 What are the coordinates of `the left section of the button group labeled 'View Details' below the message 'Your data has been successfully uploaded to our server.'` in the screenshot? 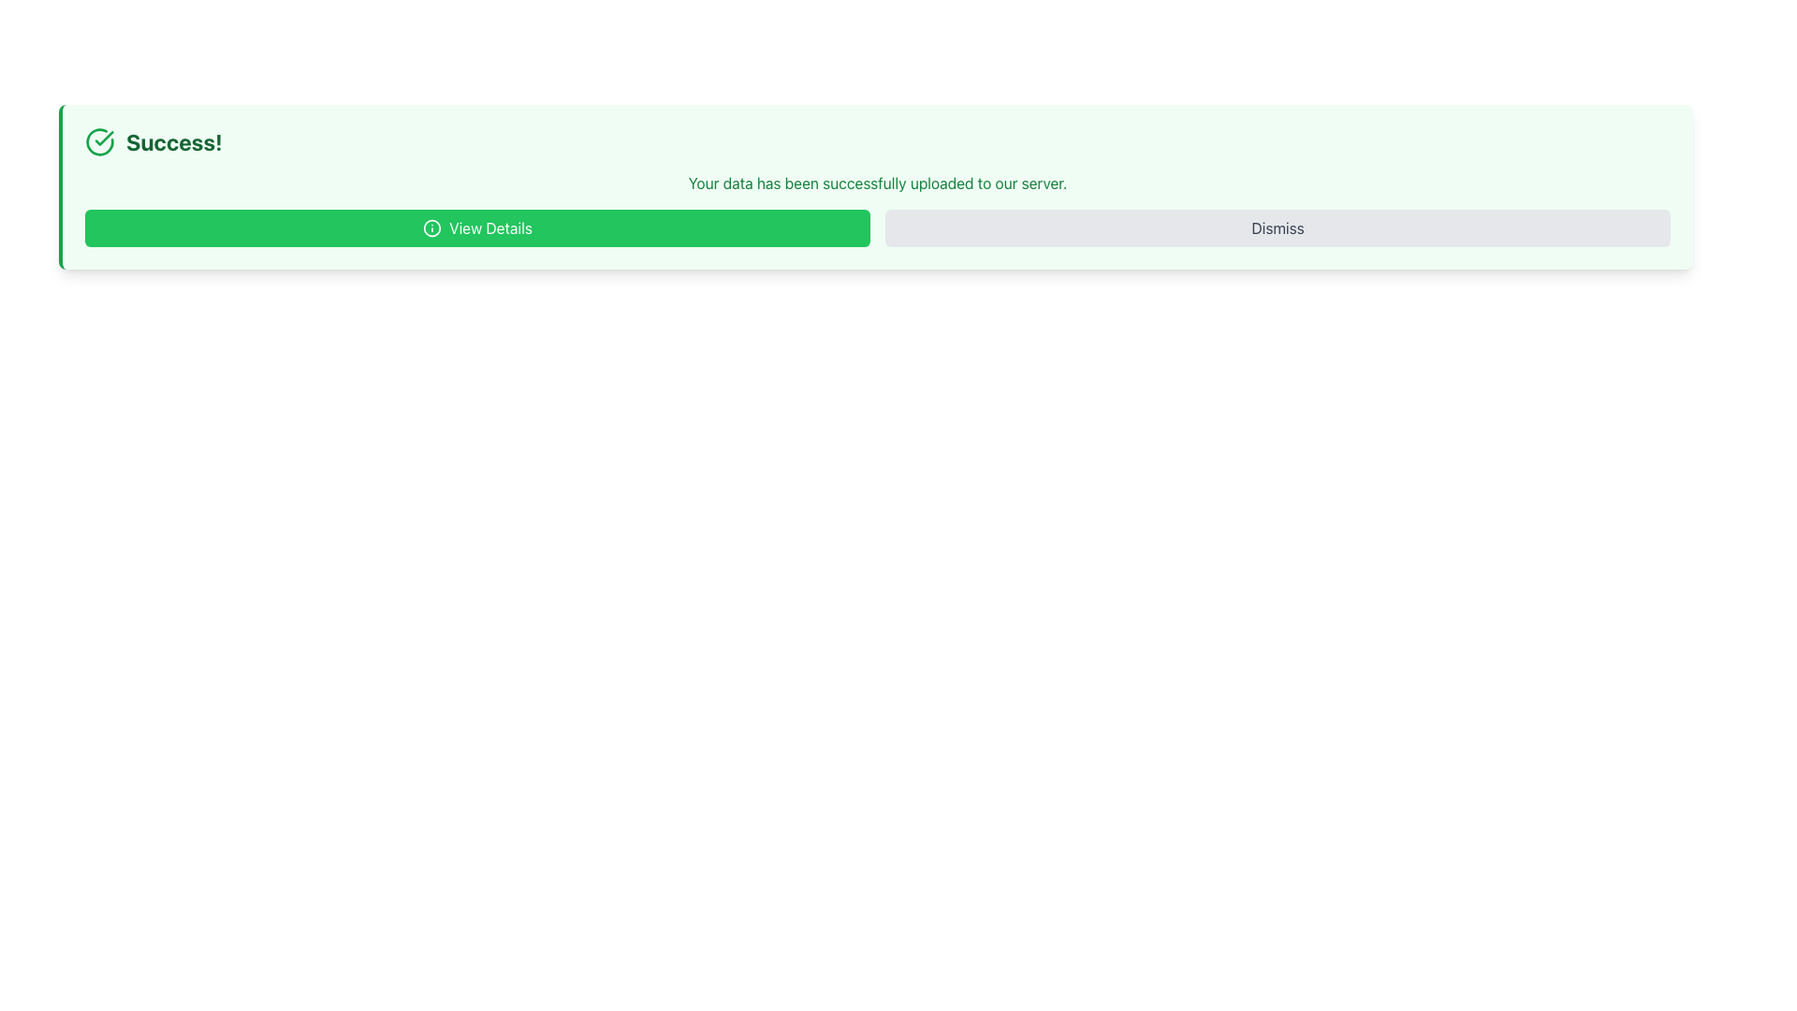 It's located at (876, 227).